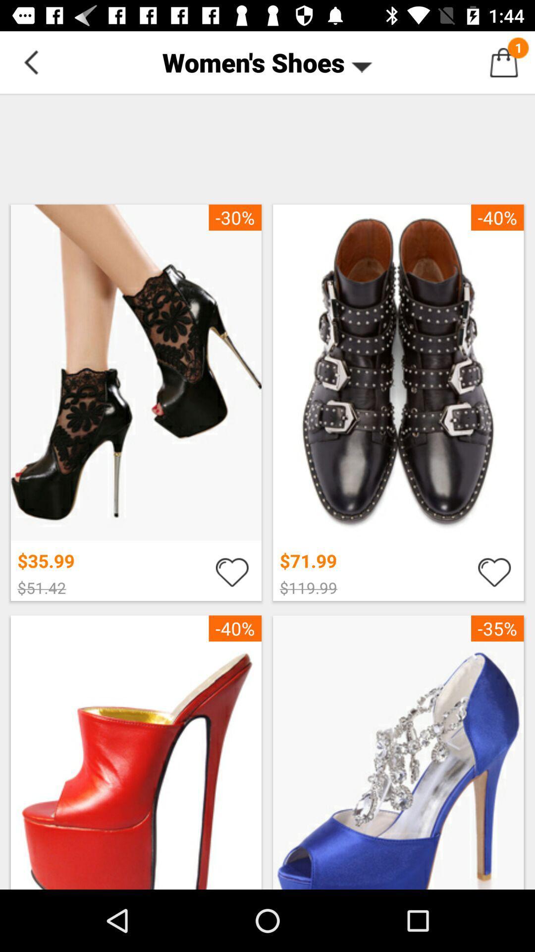 The height and width of the screenshot is (952, 535). I want to click on the cart at the right corner, so click(504, 61).